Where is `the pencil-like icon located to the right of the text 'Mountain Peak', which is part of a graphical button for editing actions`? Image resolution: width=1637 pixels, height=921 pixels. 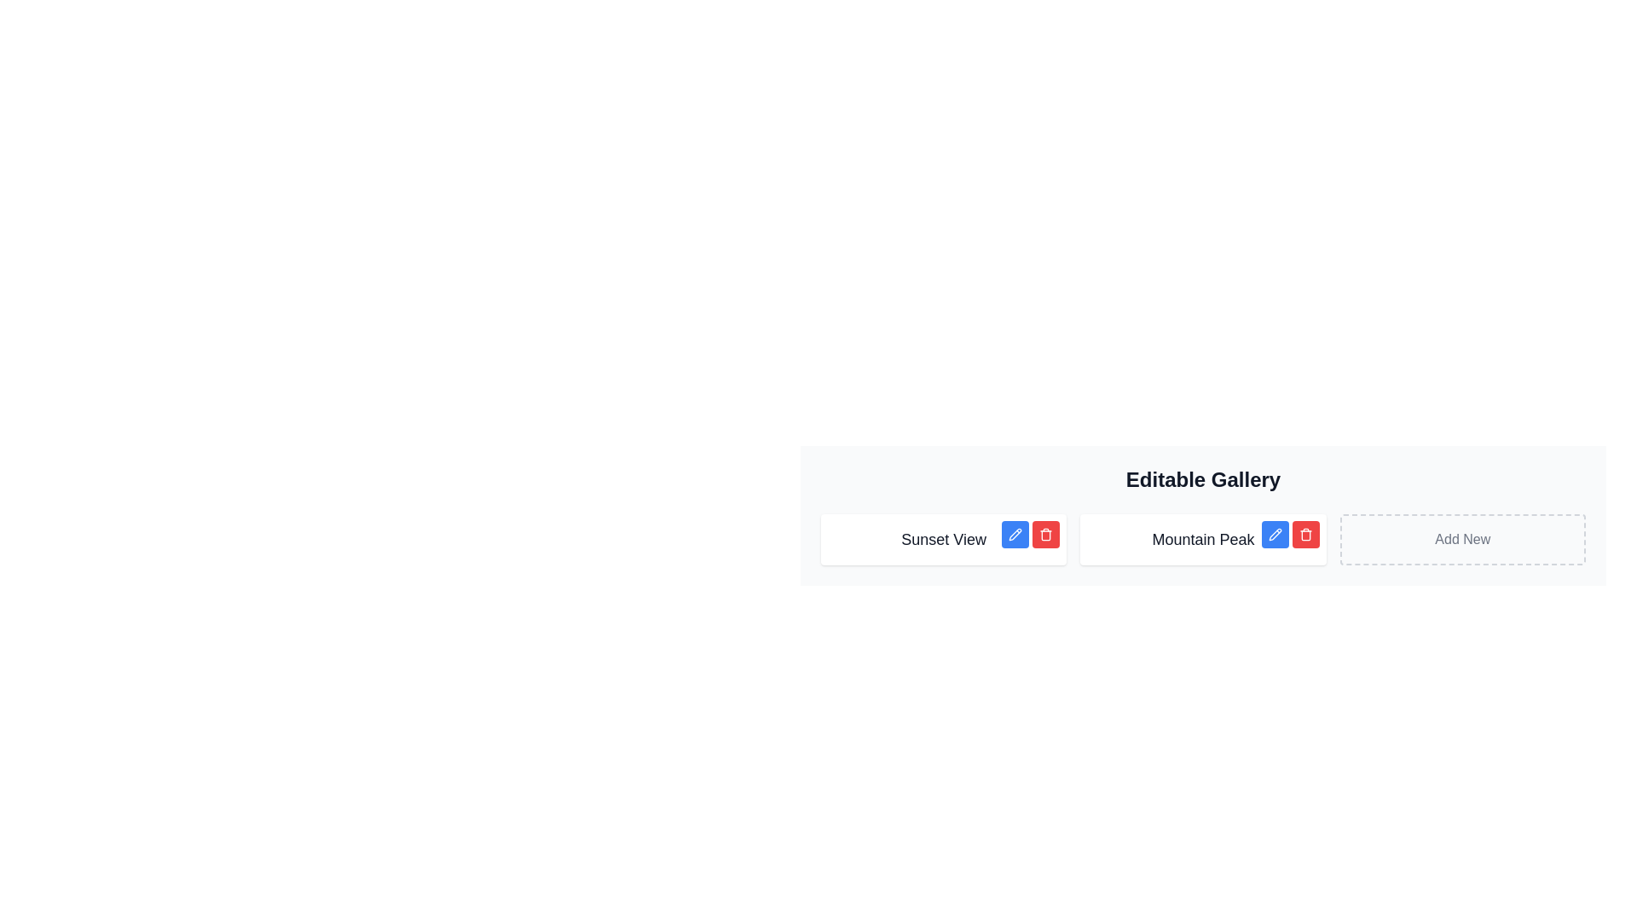
the pencil-like icon located to the right of the text 'Mountain Peak', which is part of a graphical button for editing actions is located at coordinates (1275, 534).